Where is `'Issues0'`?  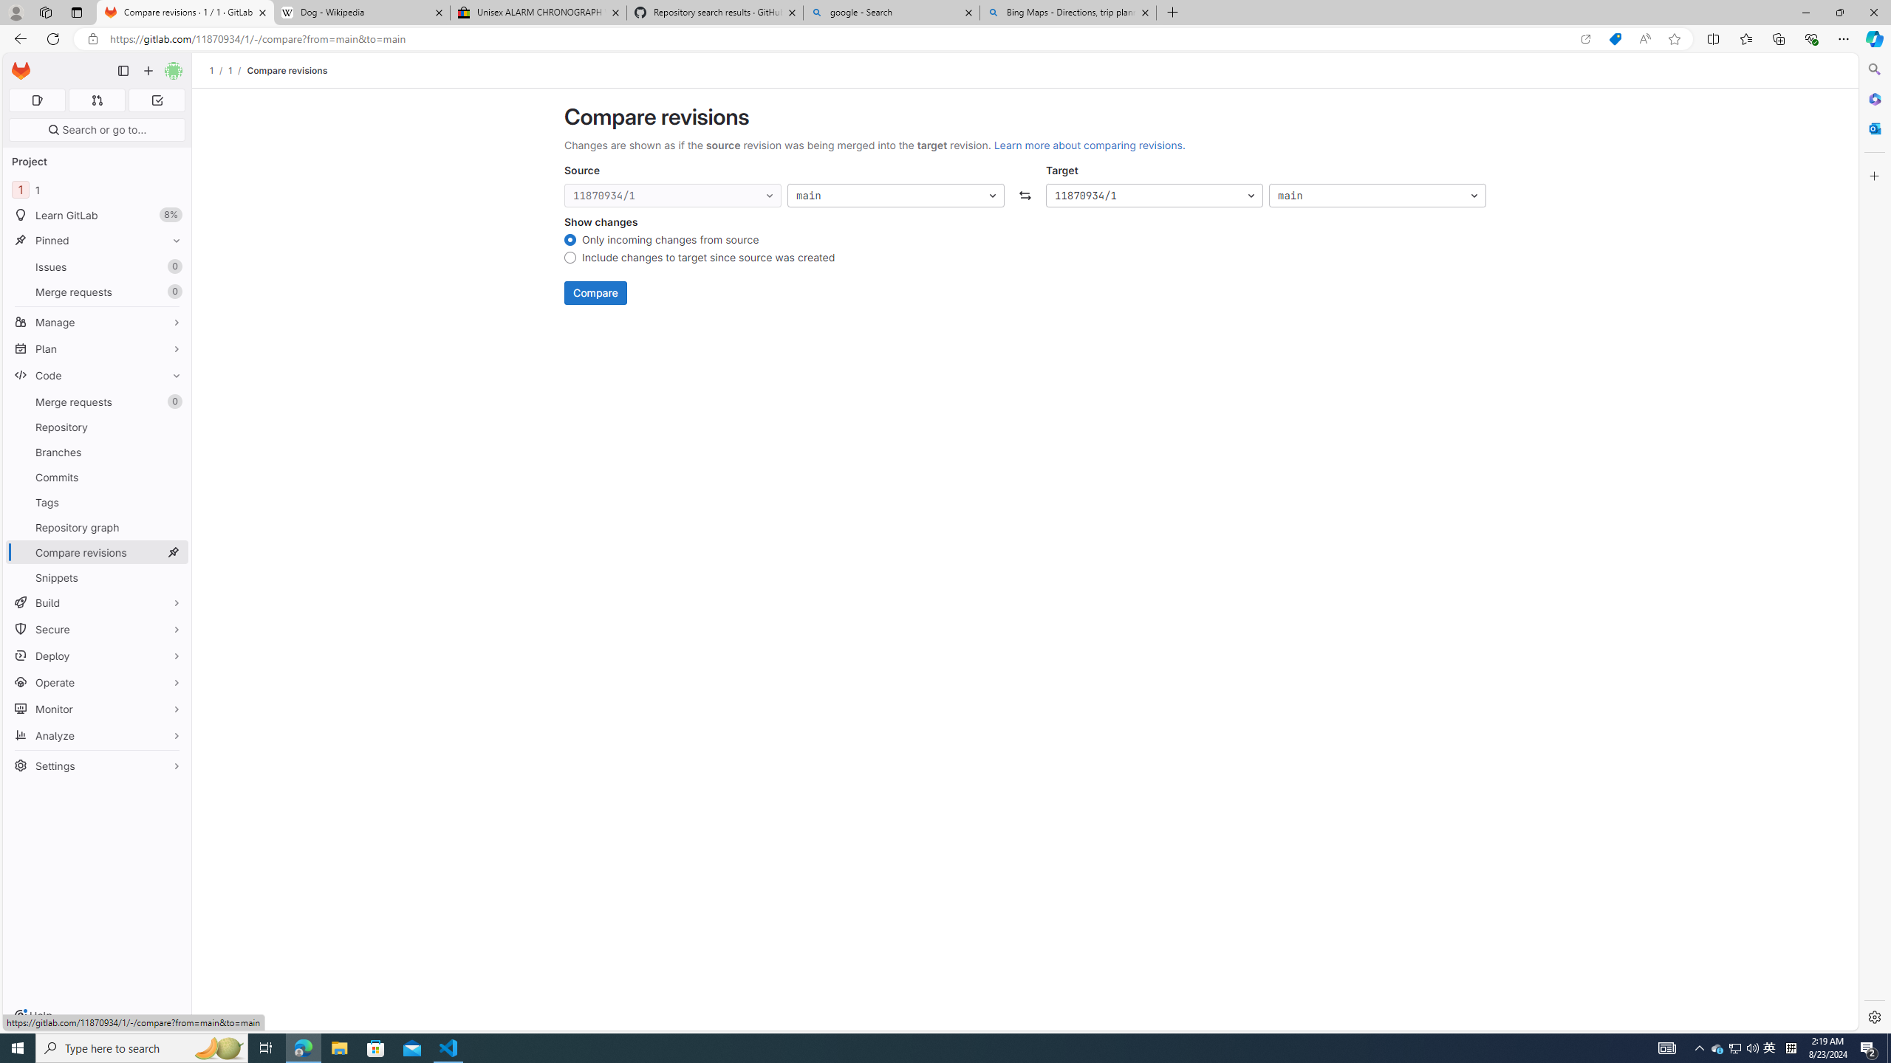
'Issues0' is located at coordinates (96, 266).